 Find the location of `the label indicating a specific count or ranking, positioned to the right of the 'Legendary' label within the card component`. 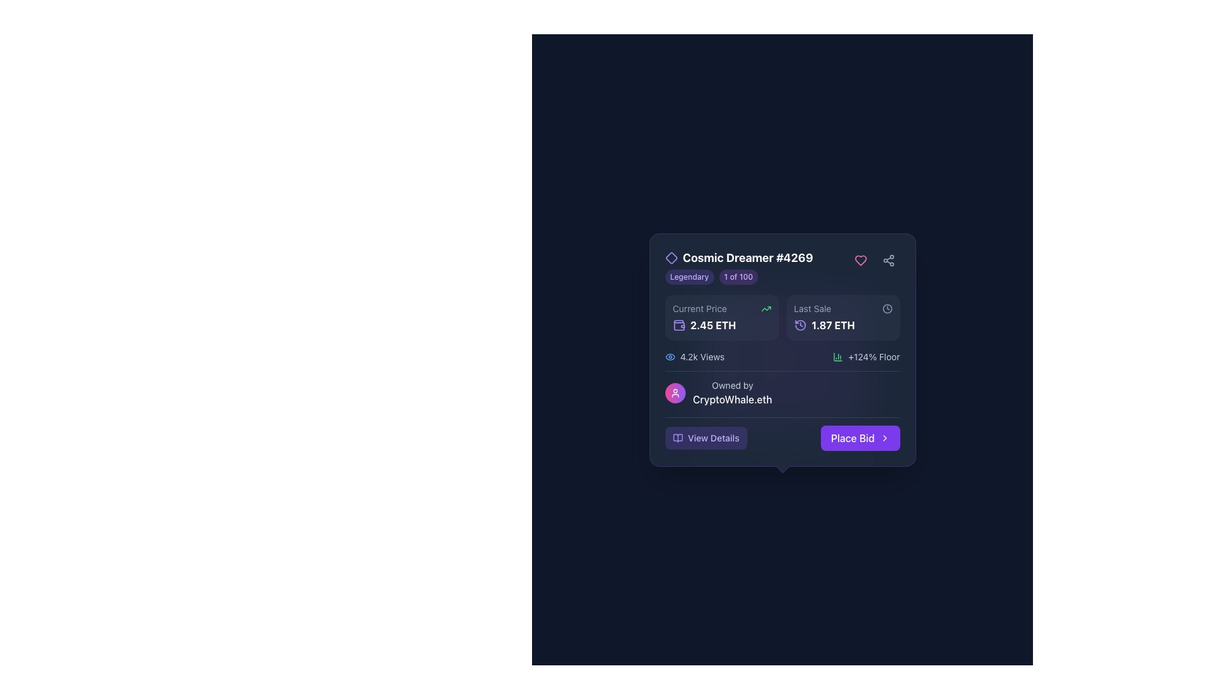

the label indicating a specific count or ranking, positioned to the right of the 'Legendary' label within the card component is located at coordinates (738, 276).